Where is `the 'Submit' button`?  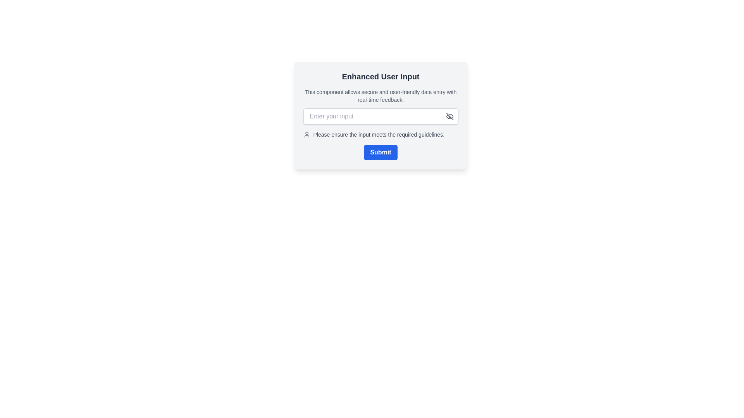
the 'Submit' button is located at coordinates (381, 152).